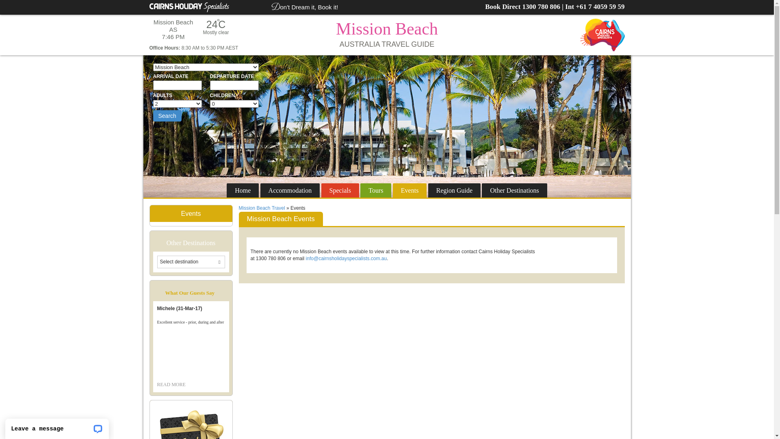 This screenshot has width=780, height=439. I want to click on '1300 780 806', so click(542, 7).